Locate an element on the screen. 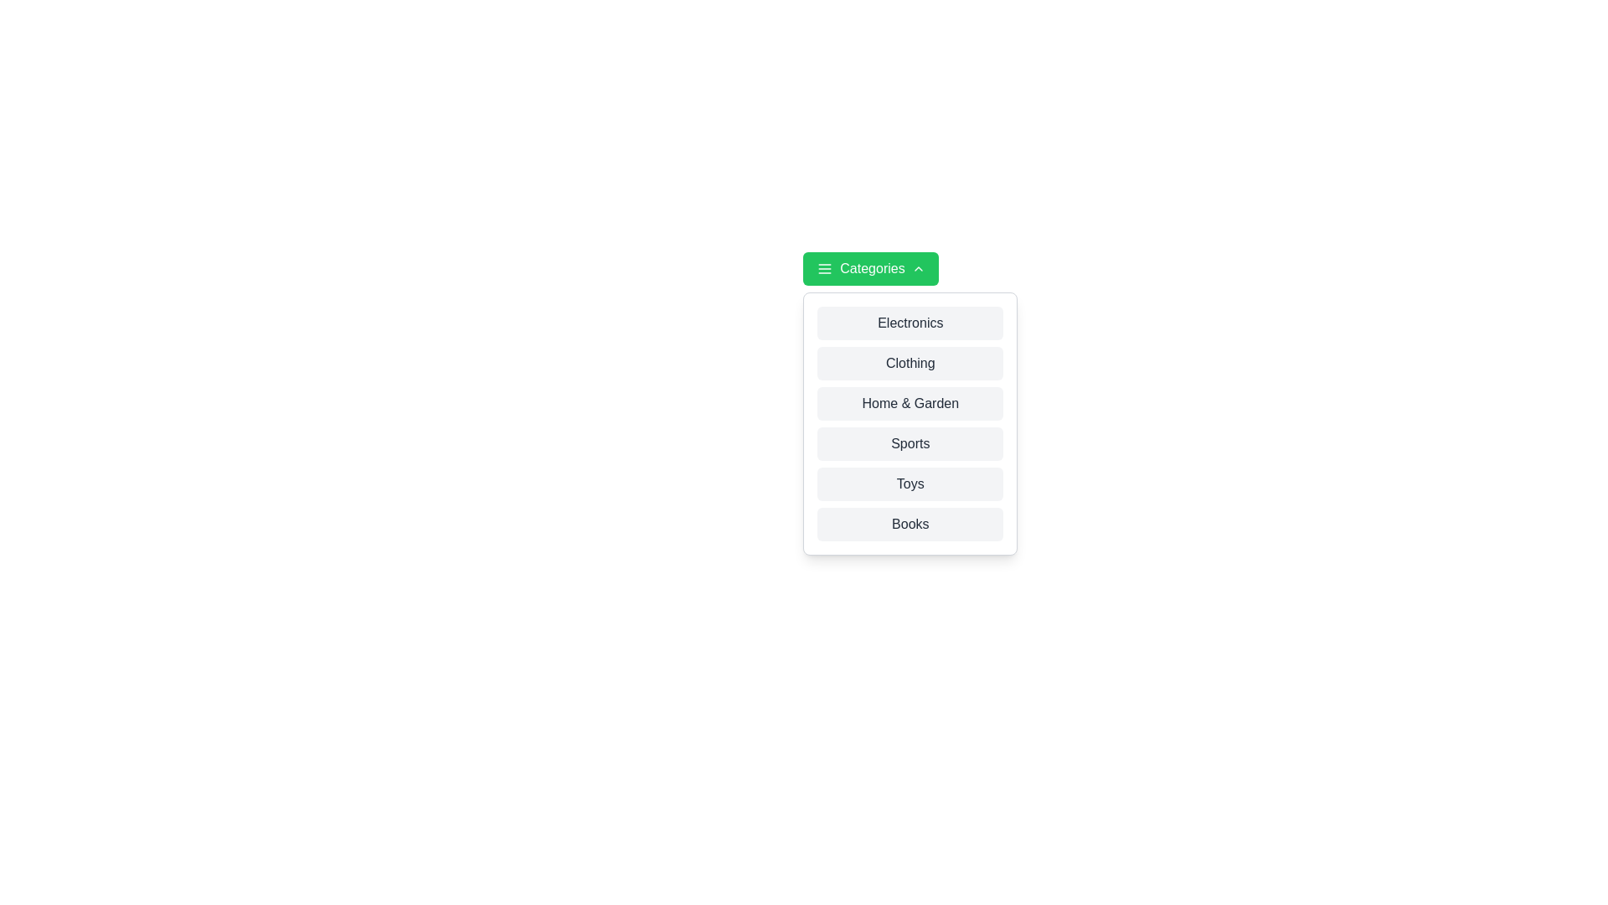 This screenshot has height=905, width=1608. the 'Clothing' button, which is the second button from the top in a vertical list, to trigger a visual change is located at coordinates (910, 363).